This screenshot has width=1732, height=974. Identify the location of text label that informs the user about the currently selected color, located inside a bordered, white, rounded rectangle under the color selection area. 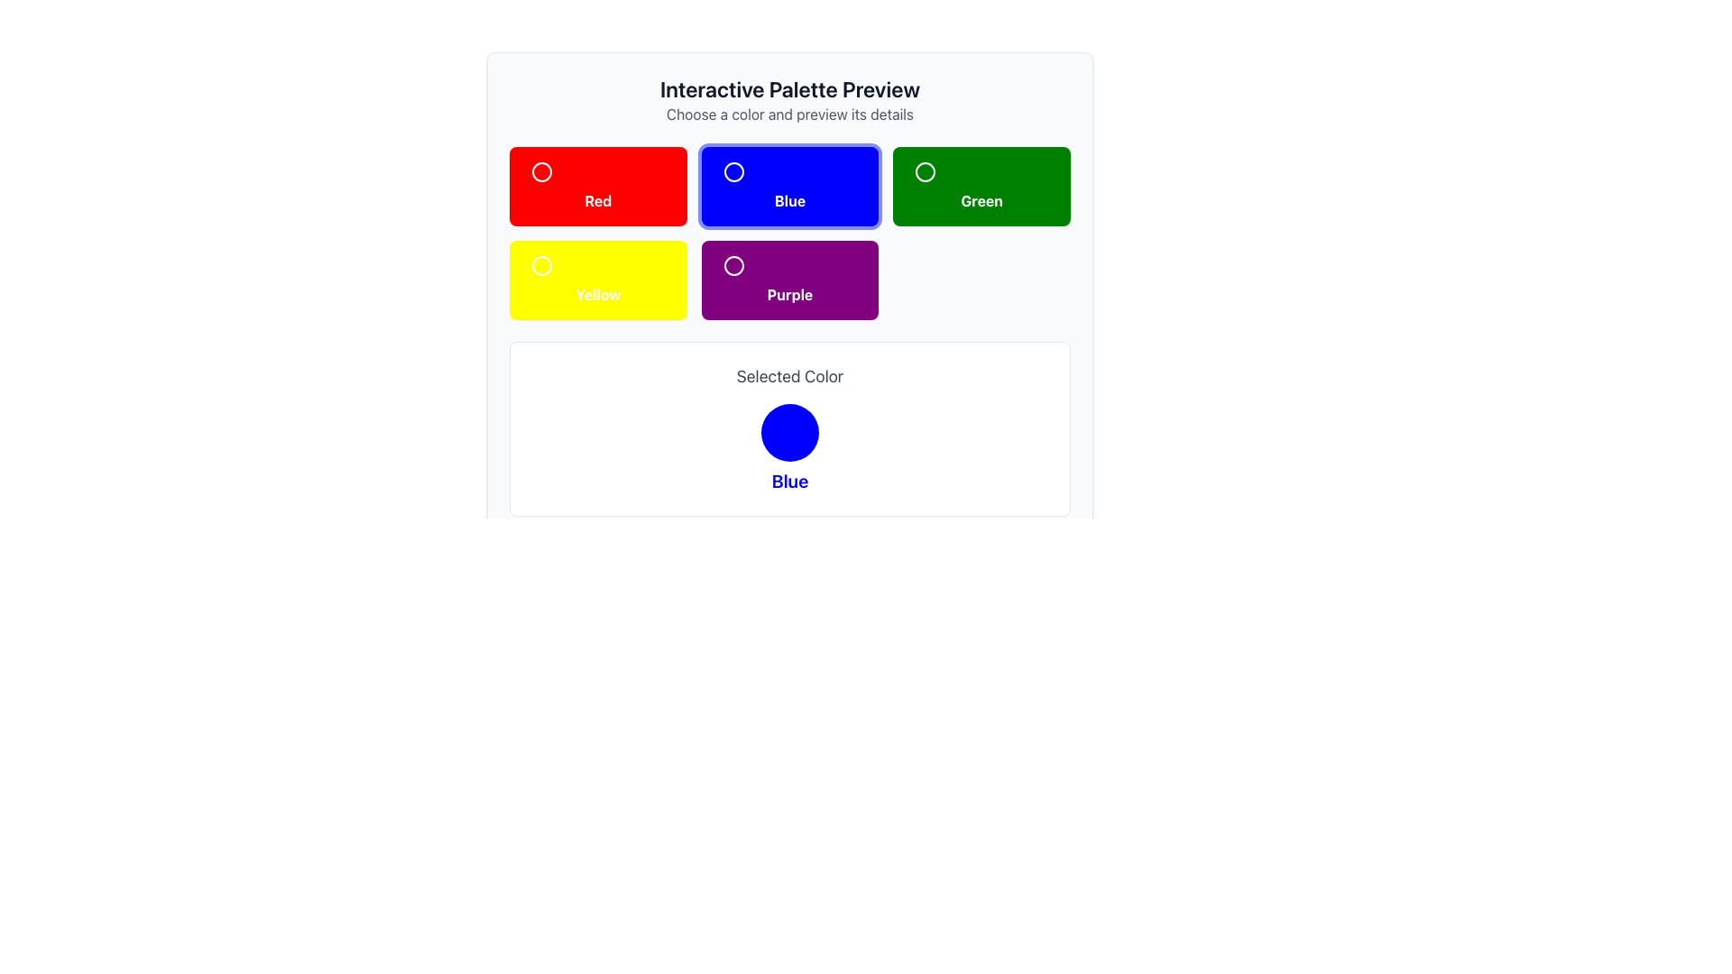
(789, 375).